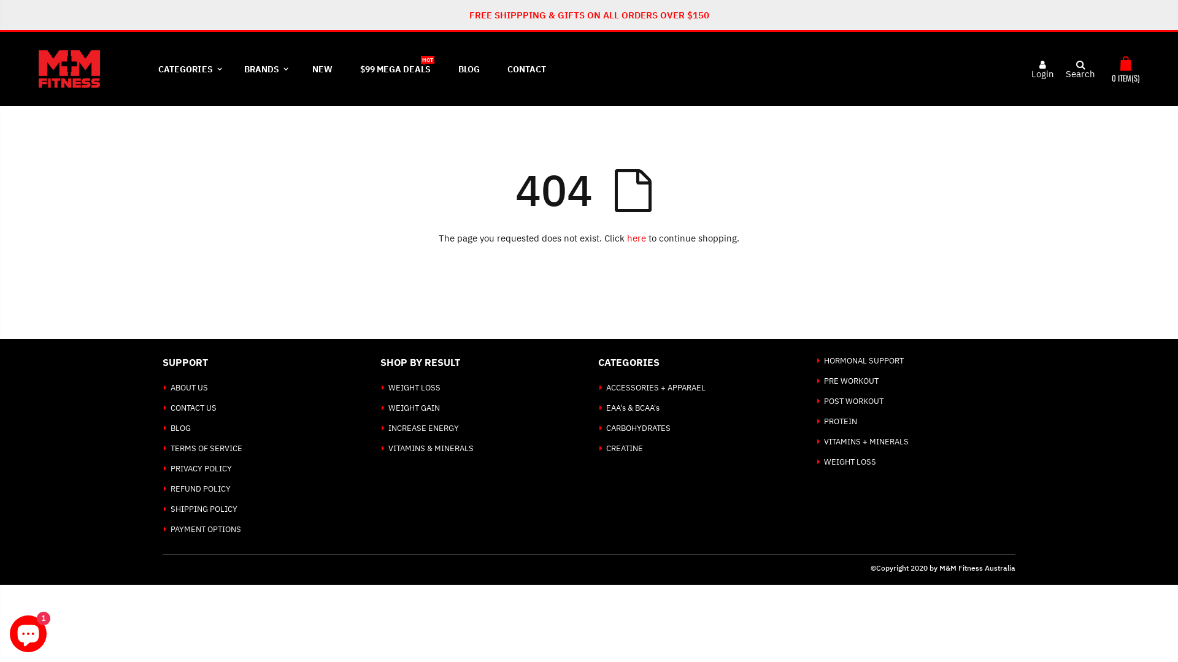 The height and width of the screenshot is (662, 1178). Describe the element at coordinates (863, 360) in the screenshot. I see `'HORMONAL SUPPORT'` at that location.